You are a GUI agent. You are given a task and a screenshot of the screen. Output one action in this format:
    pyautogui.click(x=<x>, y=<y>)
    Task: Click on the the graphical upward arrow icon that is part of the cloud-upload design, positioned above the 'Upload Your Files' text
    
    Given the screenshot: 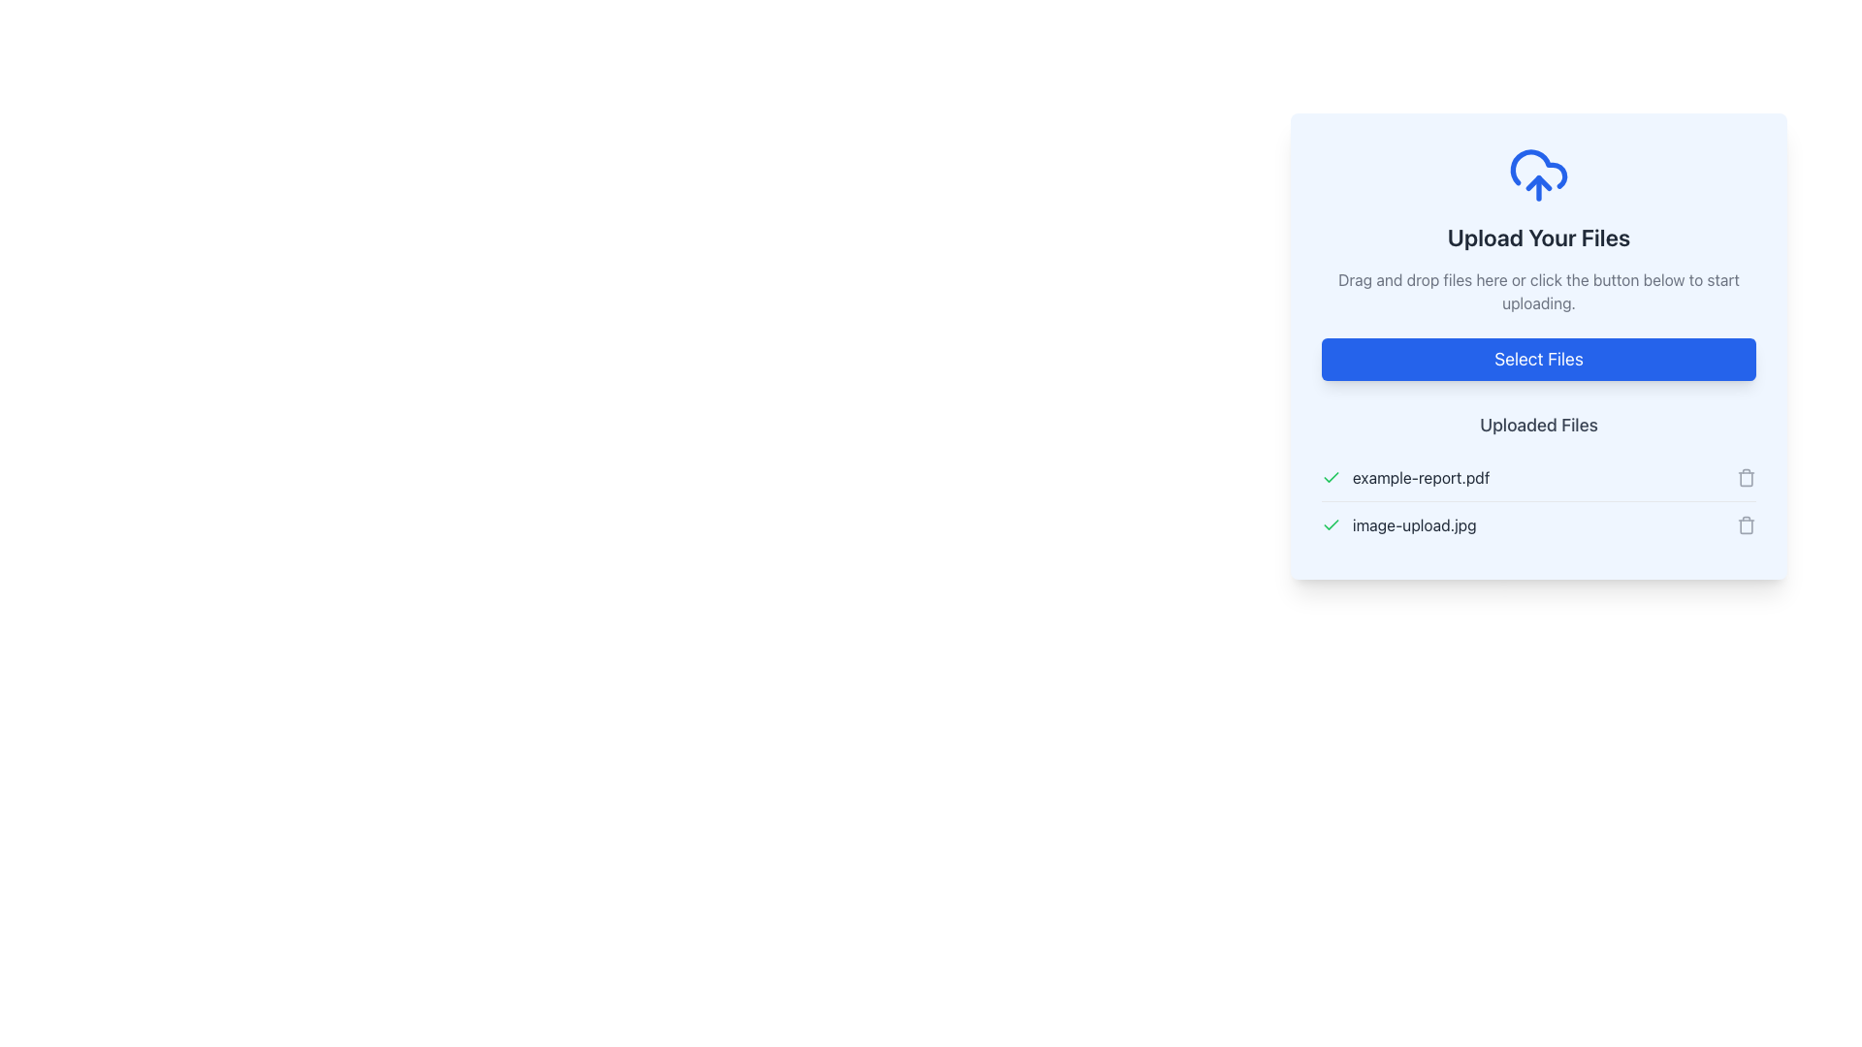 What is the action you would take?
    pyautogui.click(x=1538, y=183)
    